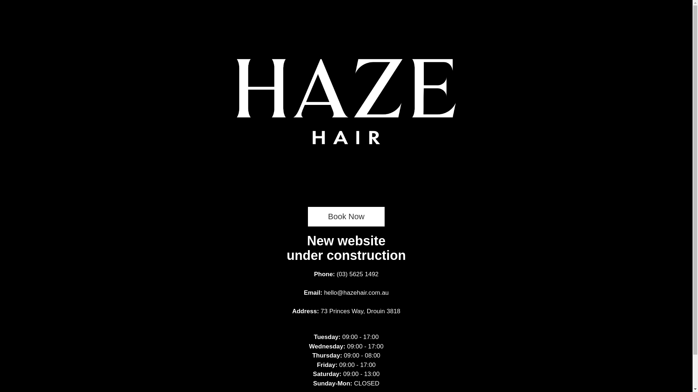 The image size is (698, 392). Describe the element at coordinates (345, 216) in the screenshot. I see `'Book Now'` at that location.